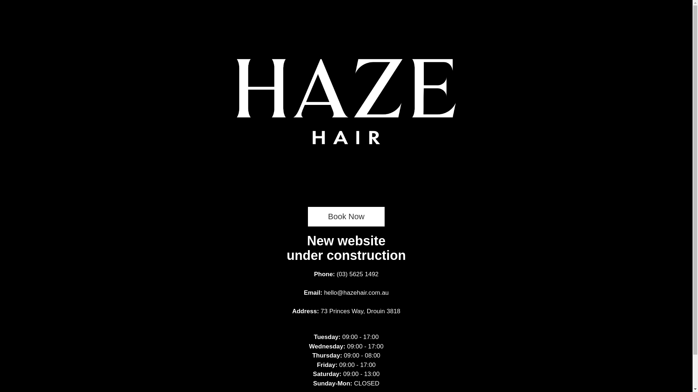 The image size is (698, 392). Describe the element at coordinates (345, 216) in the screenshot. I see `'Book Now'` at that location.